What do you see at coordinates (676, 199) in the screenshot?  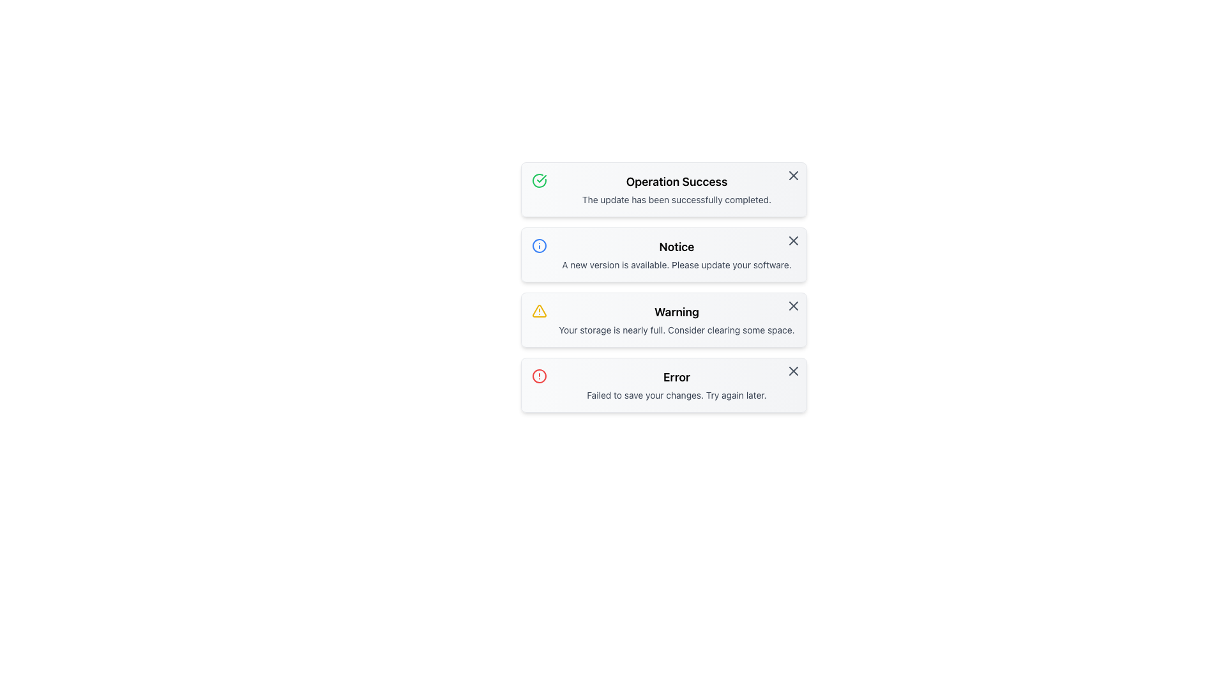 I see `the text label displaying the message 'The update has been successfully completed.' which is located below the heading 'Operation Success' in the notification box` at bounding box center [676, 199].